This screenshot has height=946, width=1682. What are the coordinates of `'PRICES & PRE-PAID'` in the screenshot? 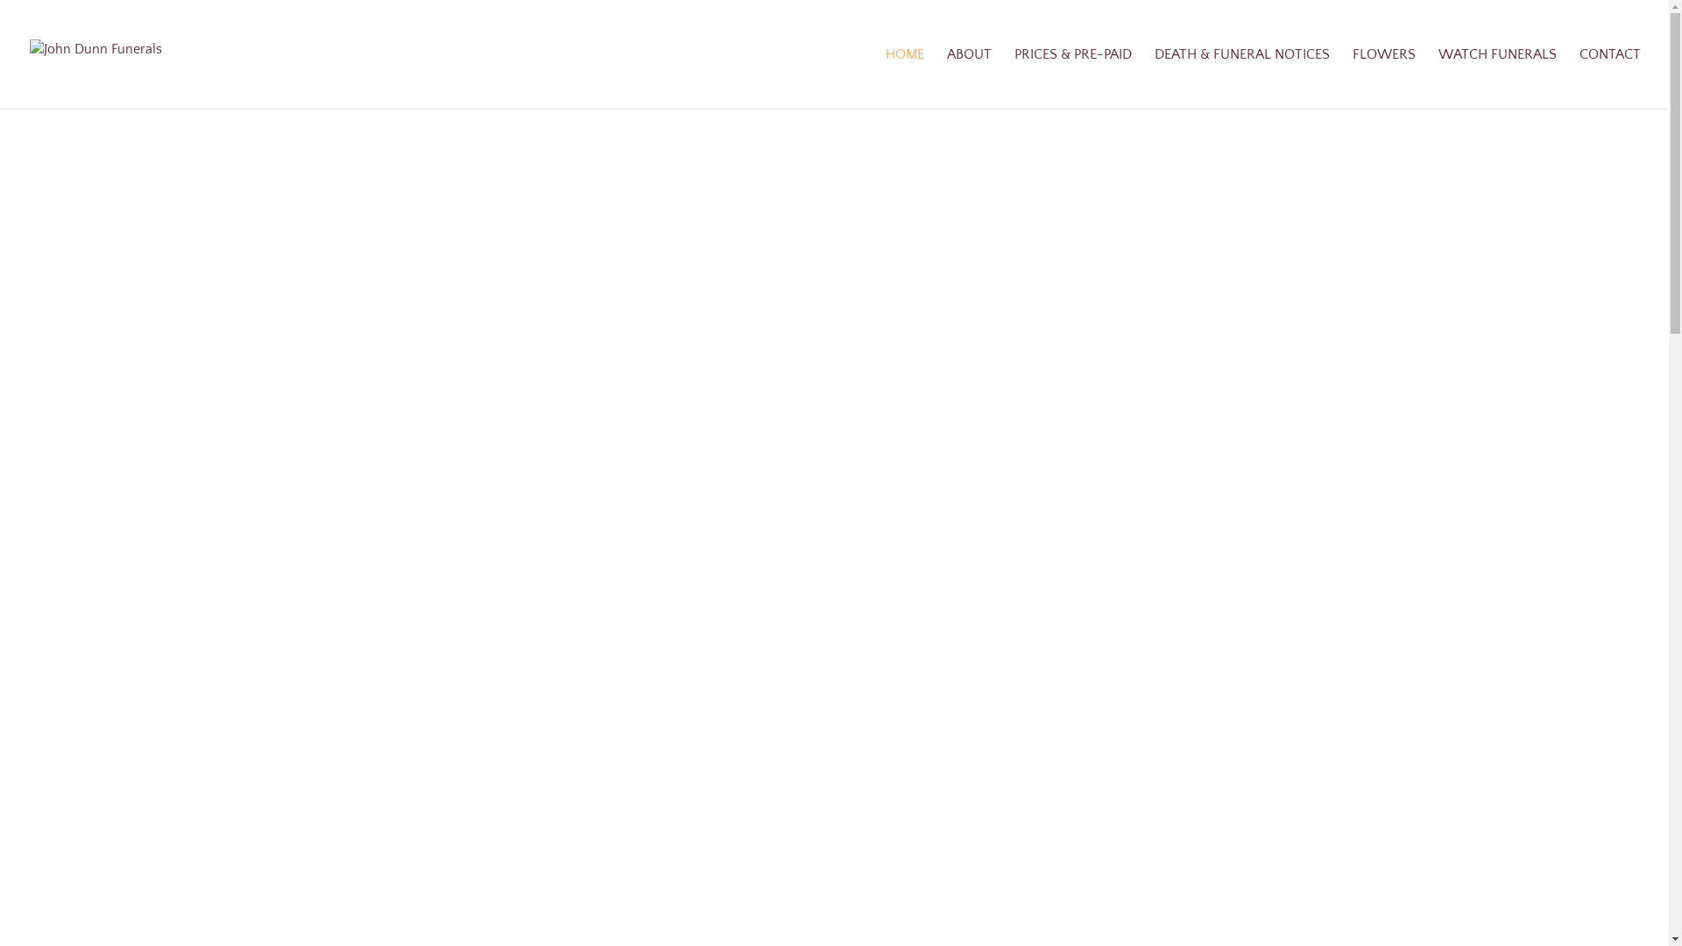 It's located at (1071, 77).